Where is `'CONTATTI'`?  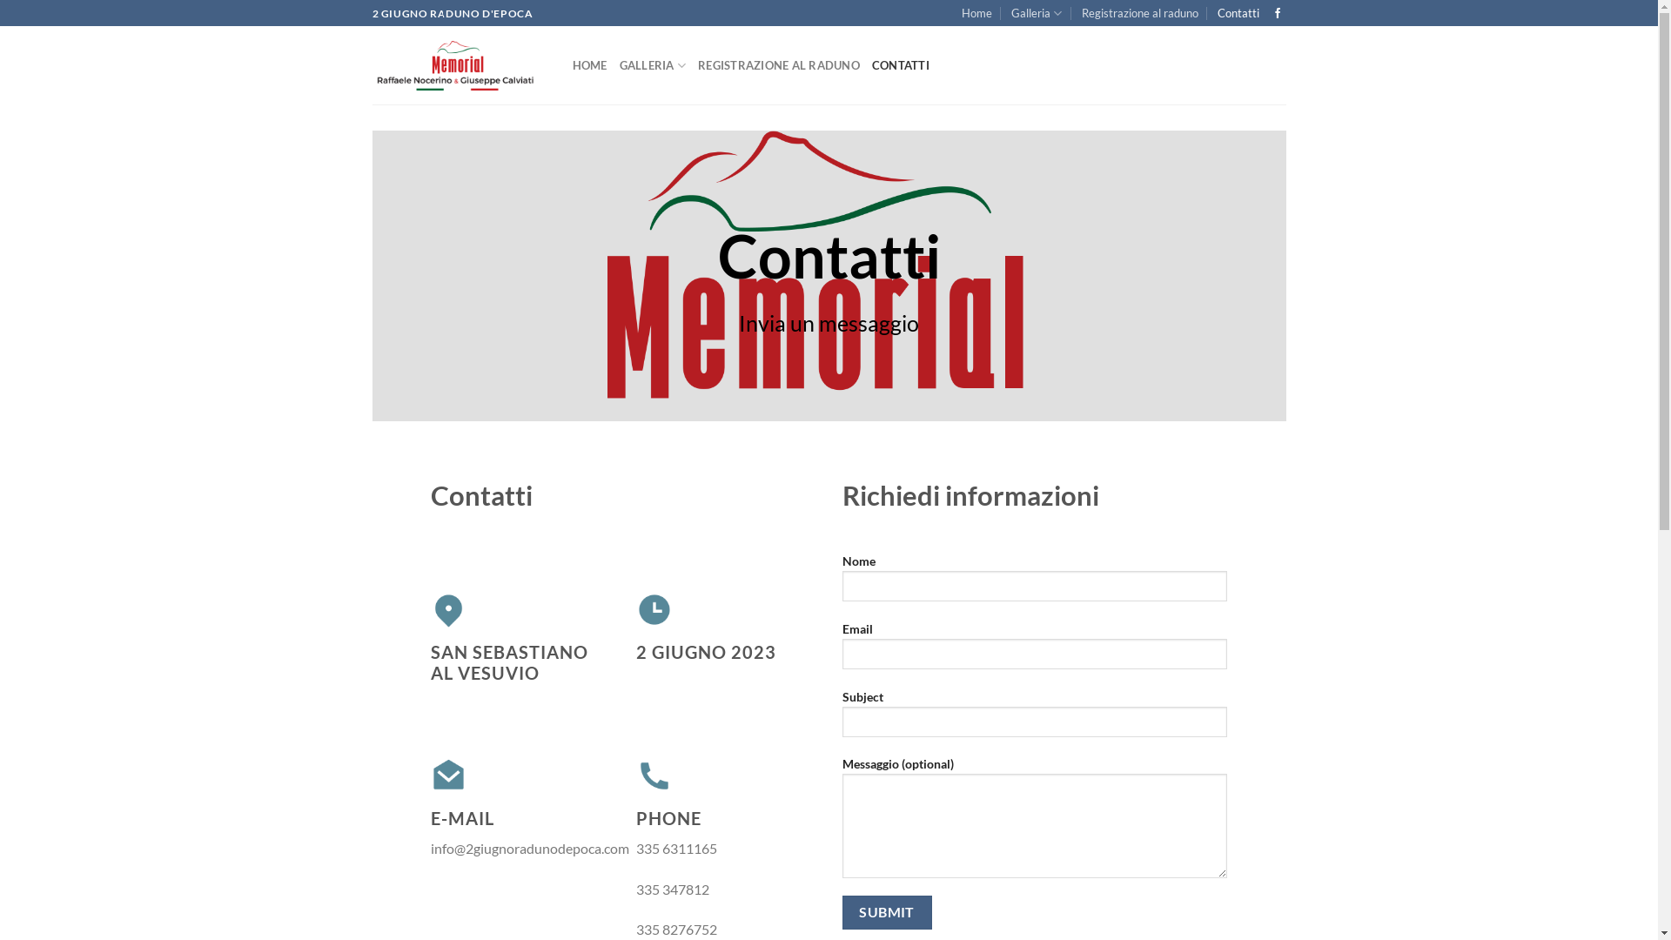 'CONTATTI' is located at coordinates (901, 64).